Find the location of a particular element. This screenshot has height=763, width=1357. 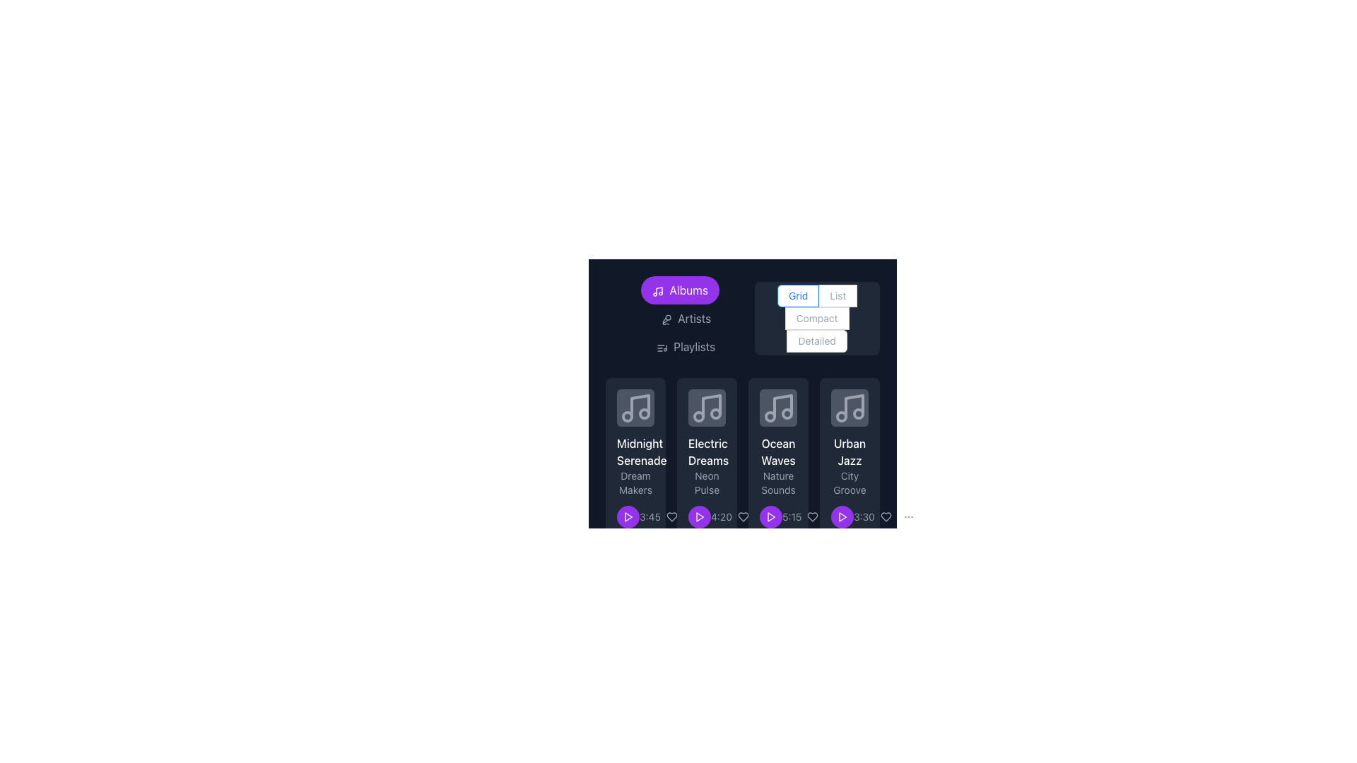

the triangular play icon located at the bottom-right corner of the 'Urban Jazz' music card, which is styled as a solid color SVG graphic element, to potentially reveal additional playback options is located at coordinates (842, 517).